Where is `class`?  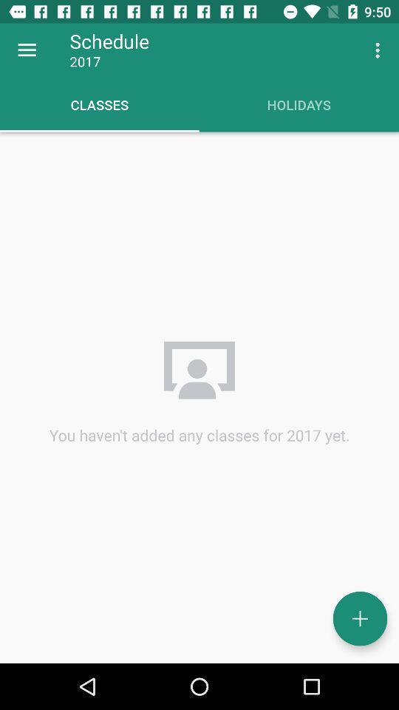 class is located at coordinates (359, 618).